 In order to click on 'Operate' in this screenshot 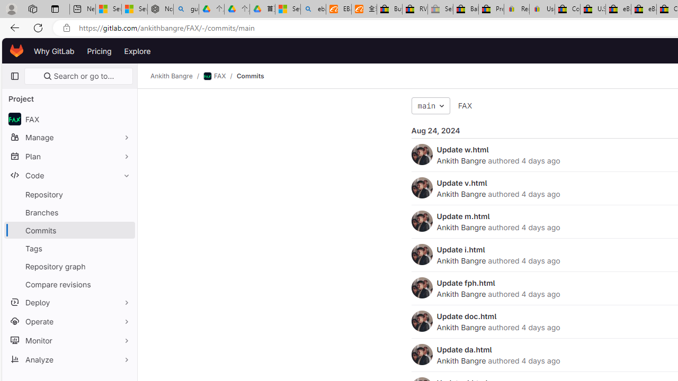, I will do `click(69, 320)`.